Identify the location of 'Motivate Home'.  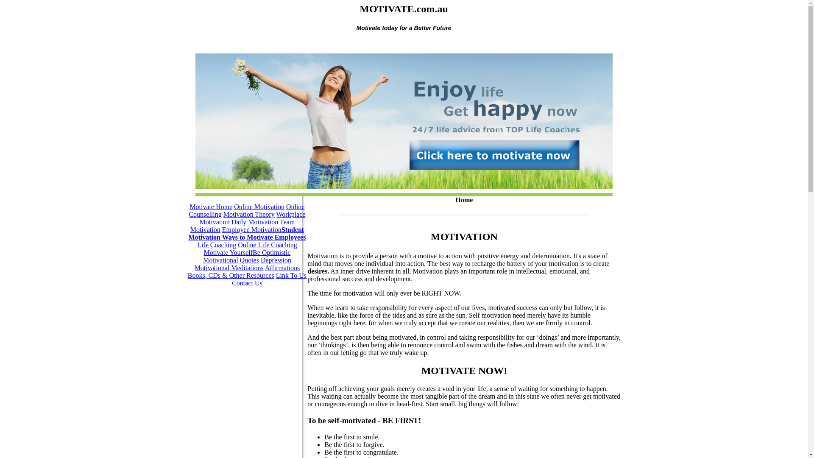
(211, 207).